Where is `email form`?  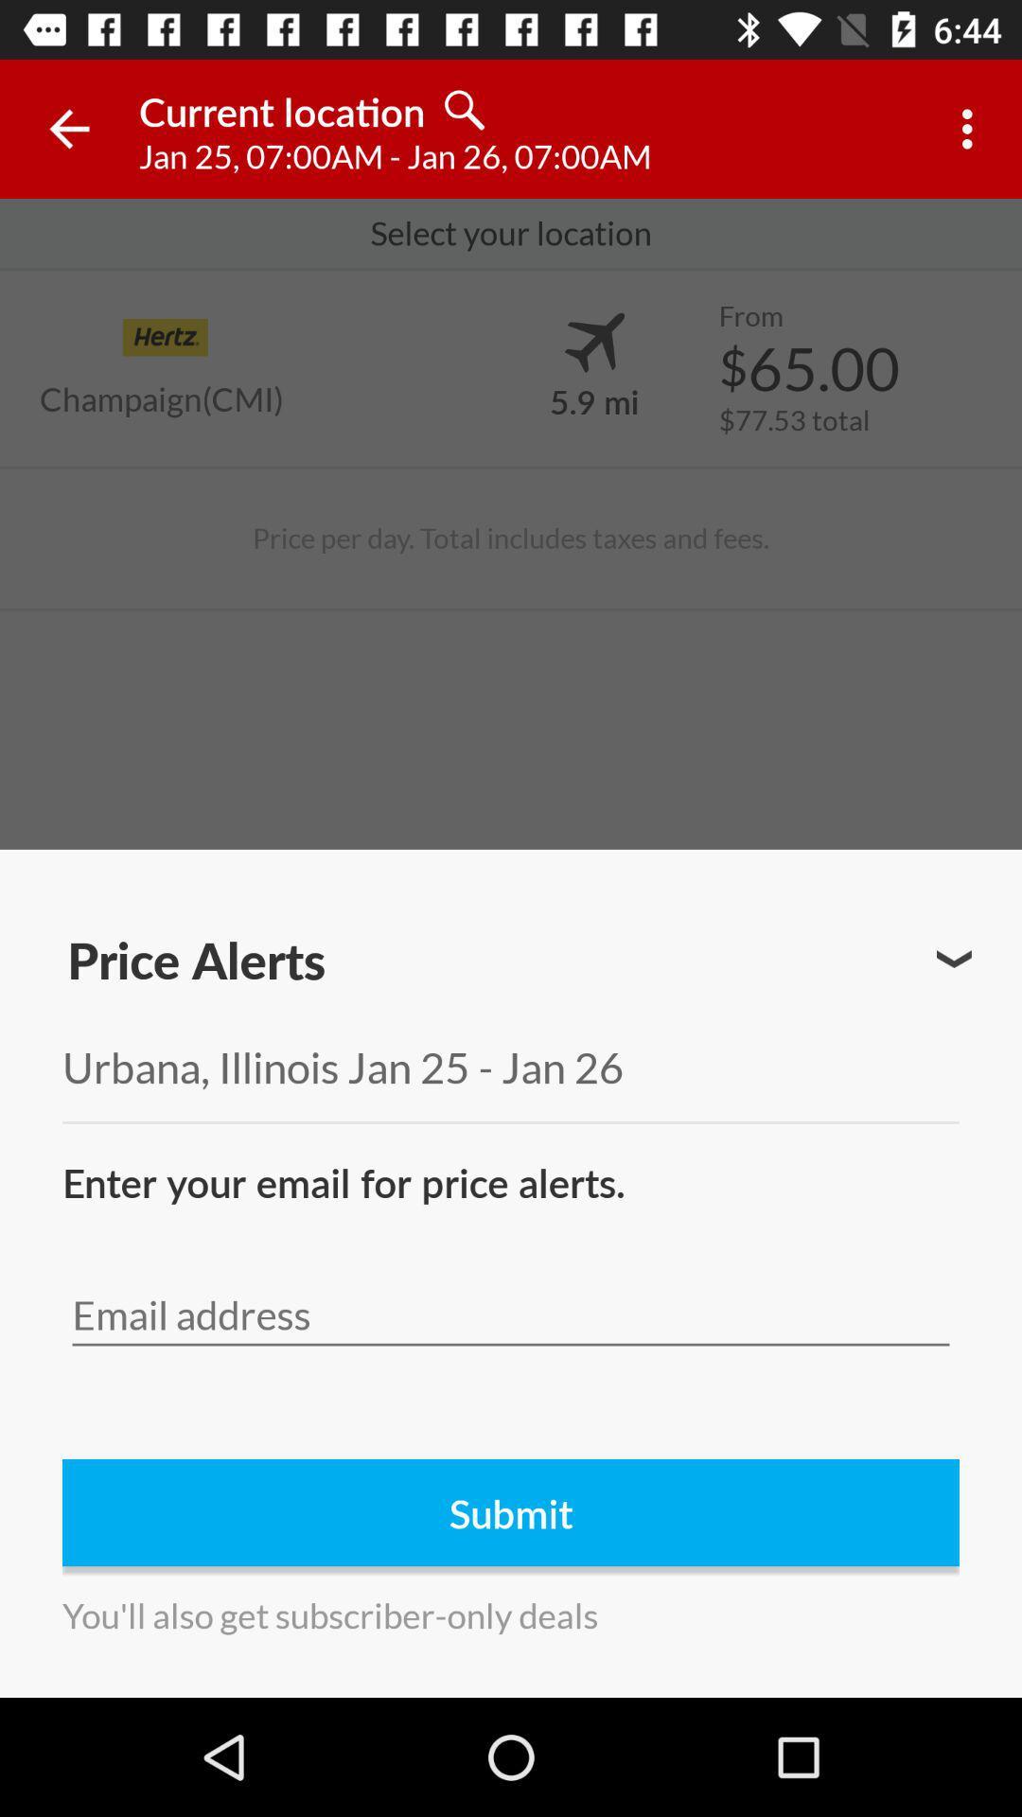 email form is located at coordinates (511, 1314).